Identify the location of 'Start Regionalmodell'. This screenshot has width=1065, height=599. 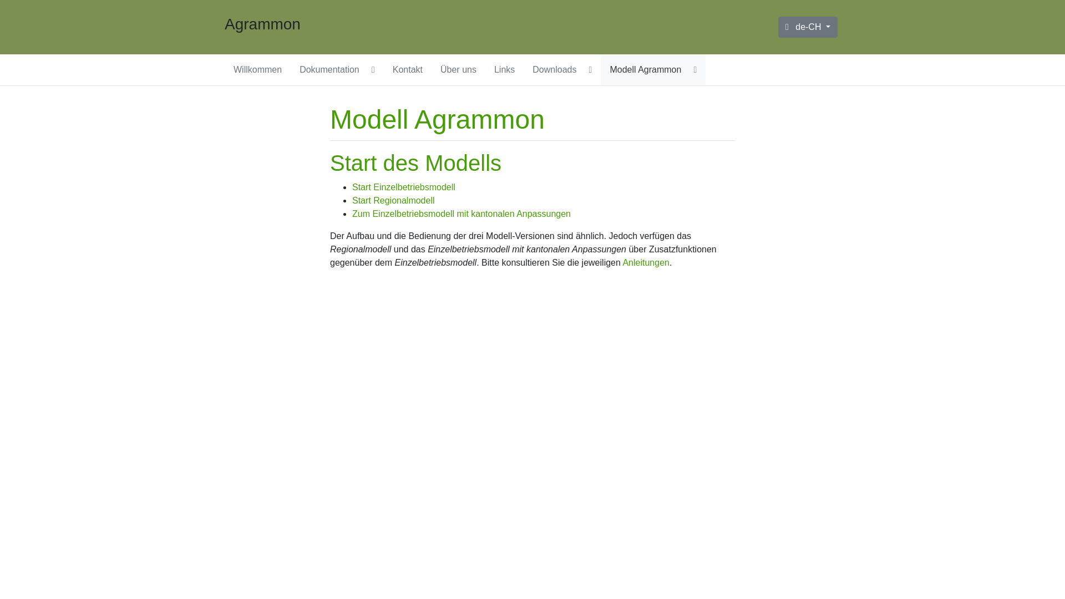
(393, 200).